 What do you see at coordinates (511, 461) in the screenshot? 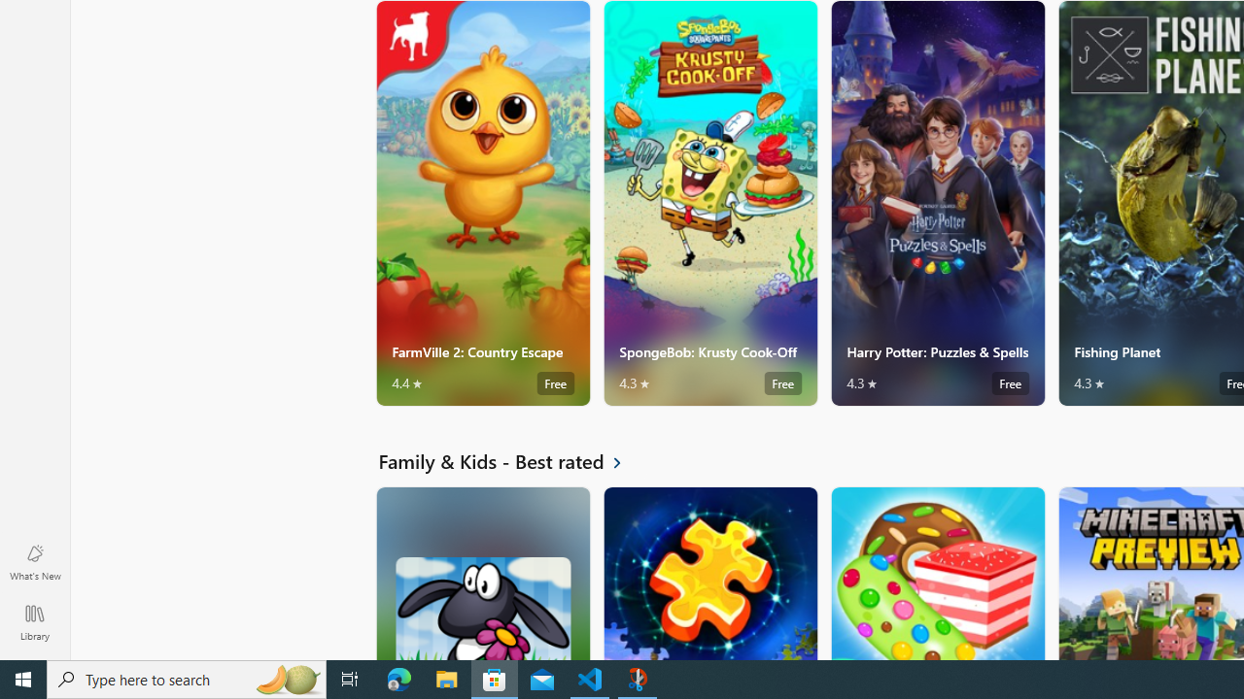
I see `'See all  Family & Kids - Best rated'` at bounding box center [511, 461].